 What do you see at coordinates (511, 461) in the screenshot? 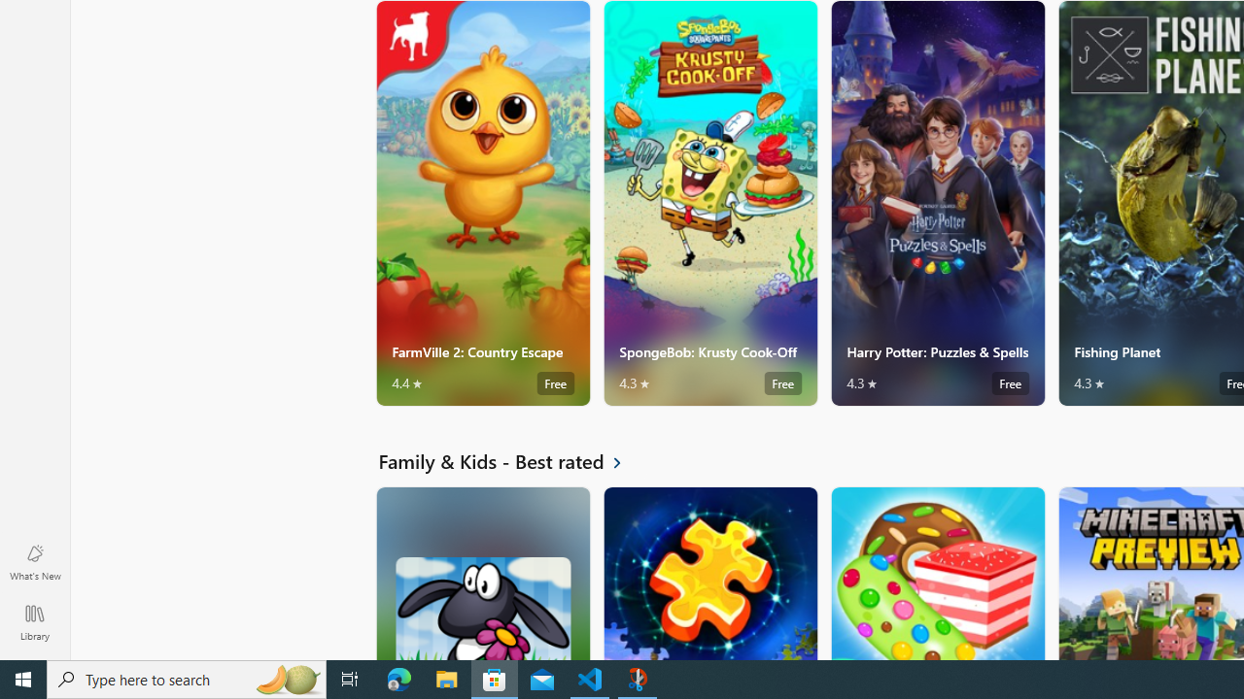
I see `'See all  Family & Kids - Best rated'` at bounding box center [511, 461].